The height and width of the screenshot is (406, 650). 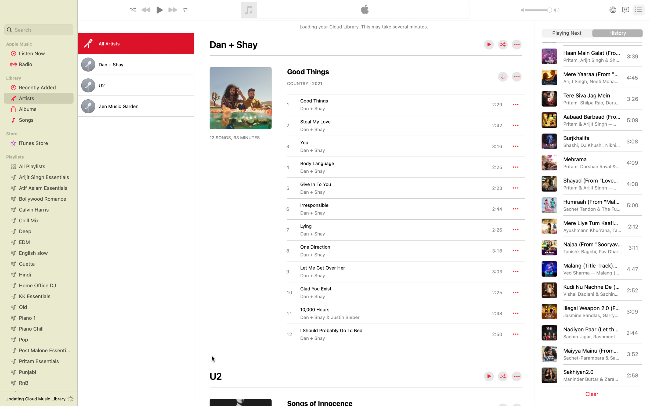 I want to click on Play the song "Mere Yaara, so click(x=592, y=77).